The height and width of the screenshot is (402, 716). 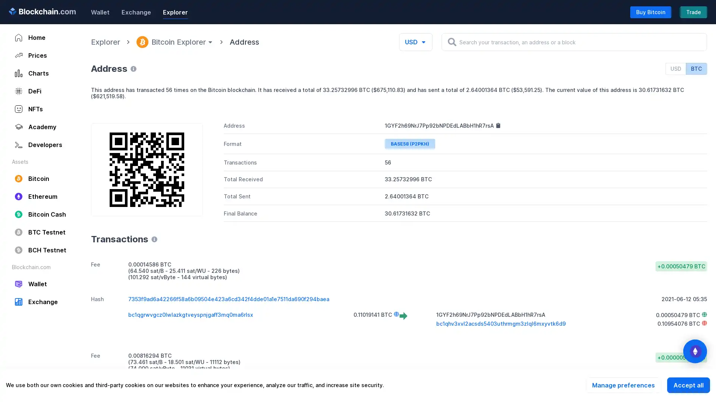 What do you see at coordinates (693, 12) in the screenshot?
I see `Trade` at bounding box center [693, 12].